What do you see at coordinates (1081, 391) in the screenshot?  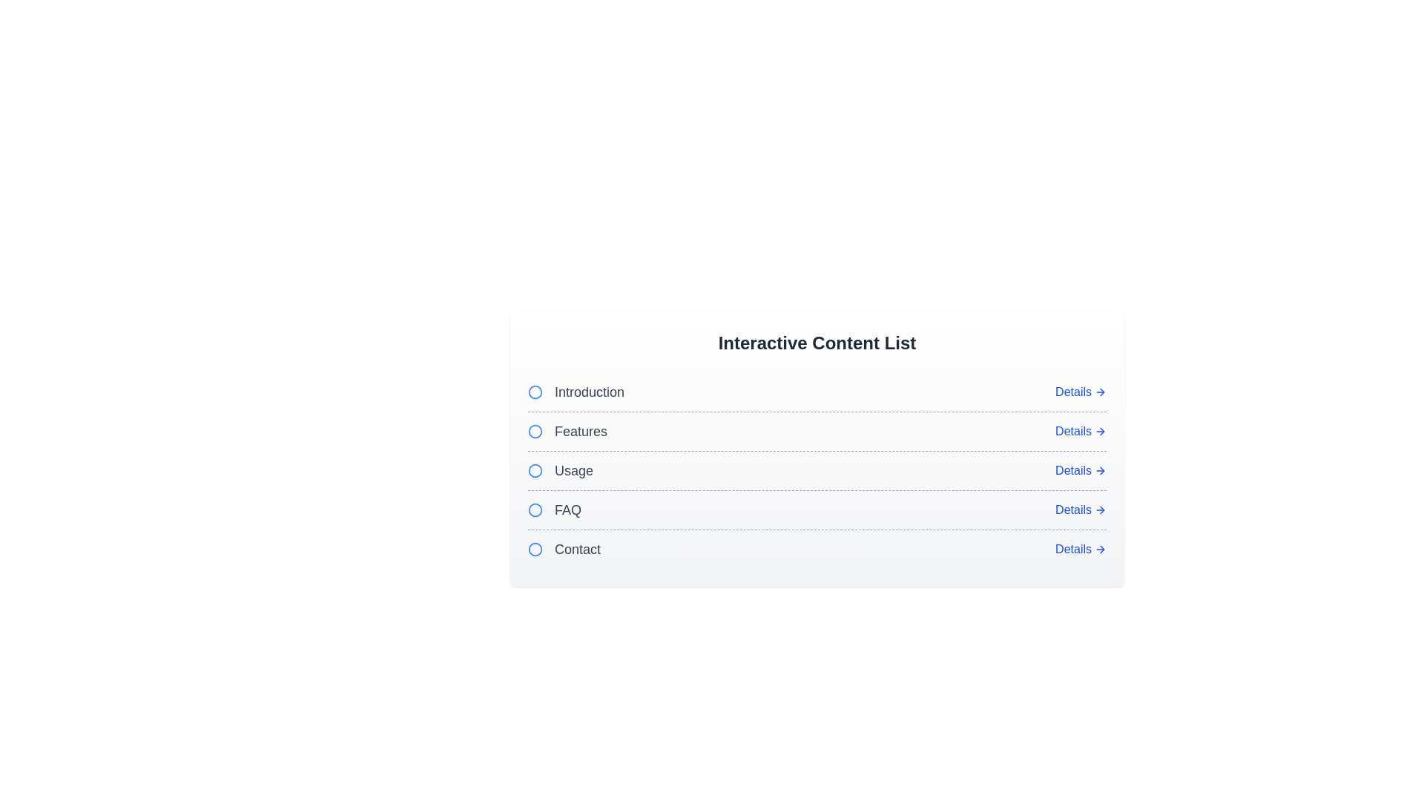 I see `the 'Details' hyperlink located to the far right of the 'Introduction' title` at bounding box center [1081, 391].